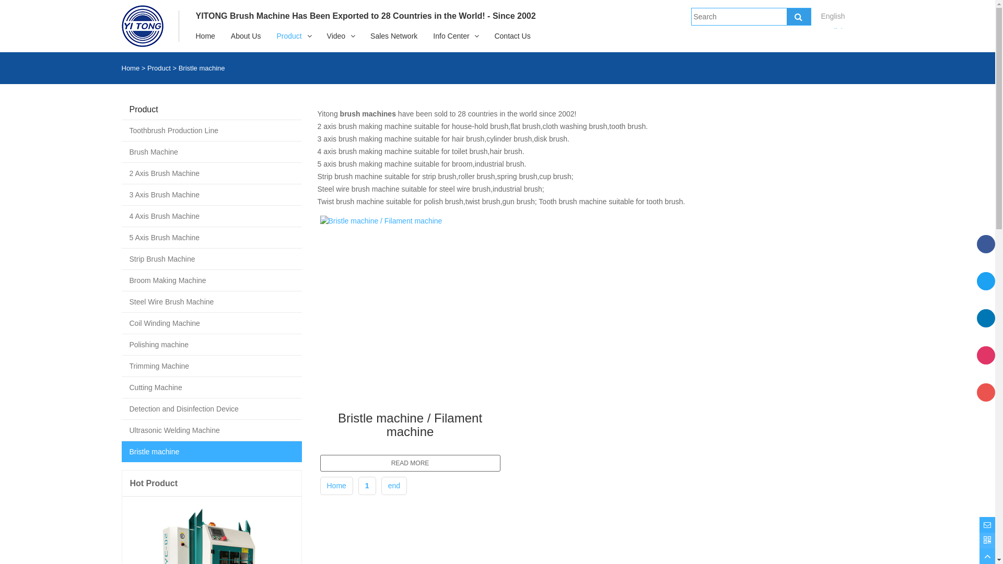  Describe the element at coordinates (121, 451) in the screenshot. I see `'Bristle machine'` at that location.